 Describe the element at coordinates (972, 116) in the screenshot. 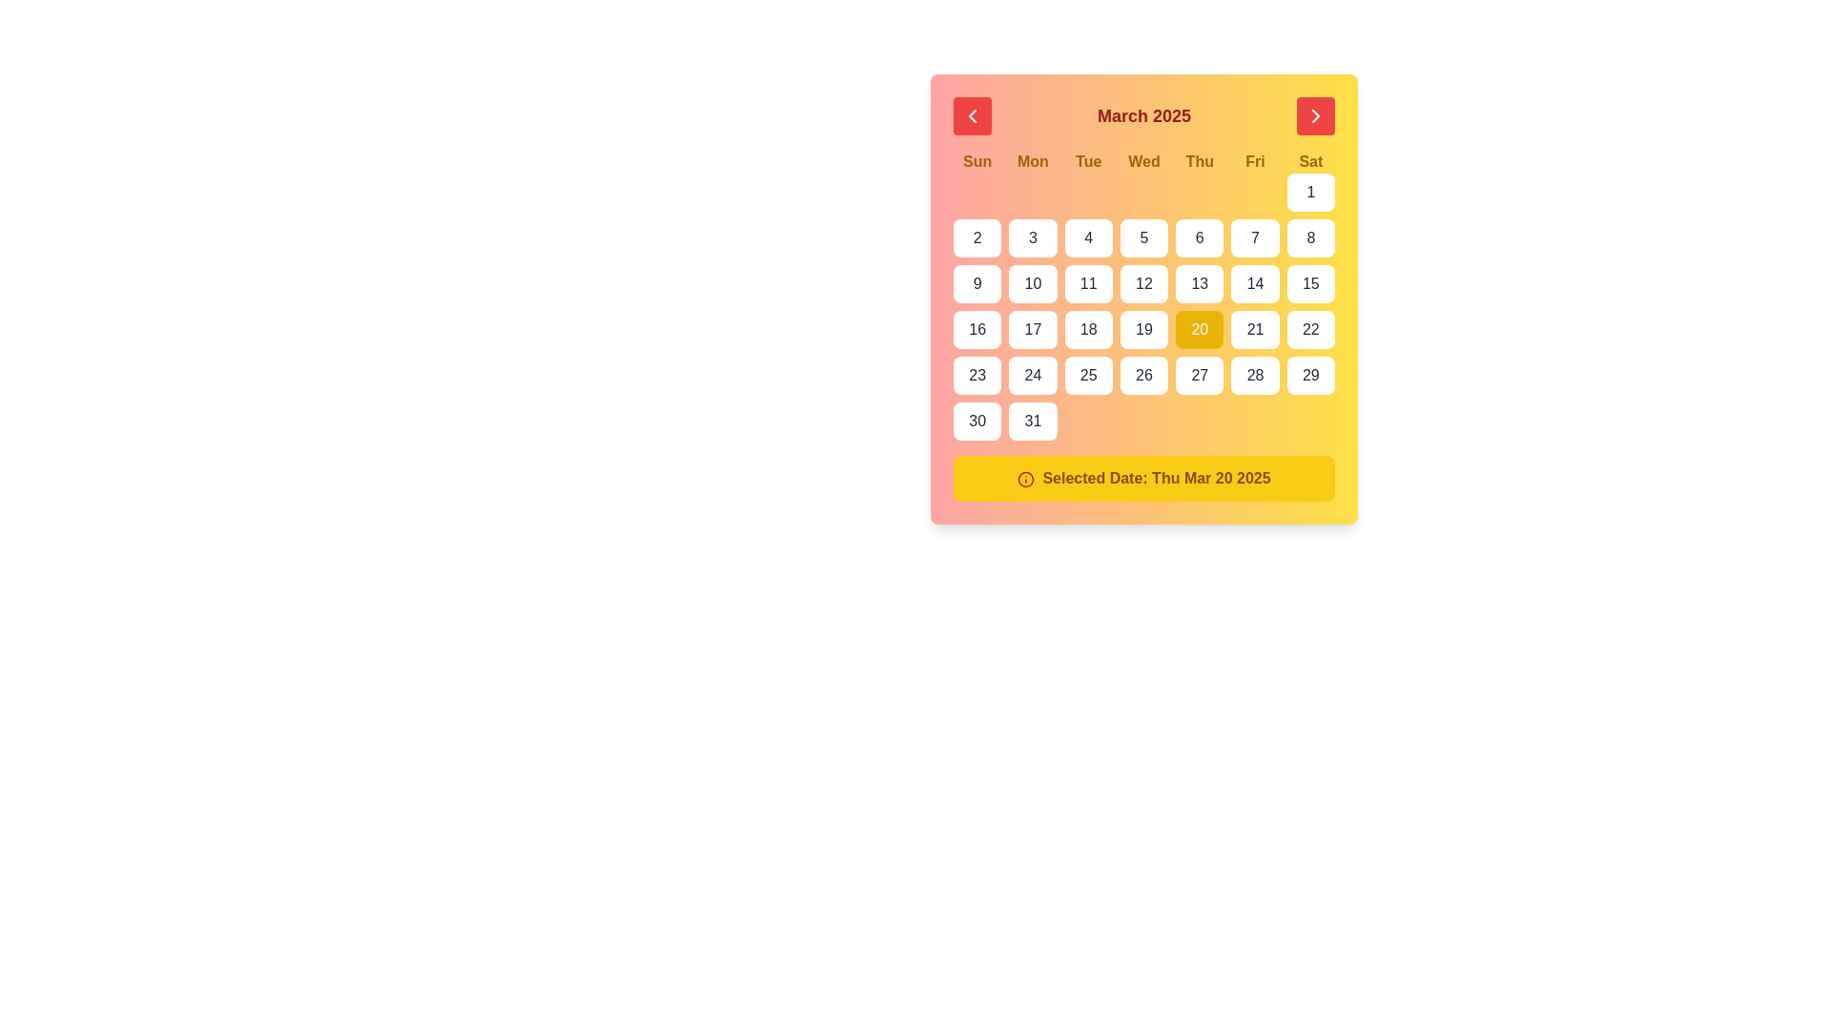

I see `the left arrow button` at that location.